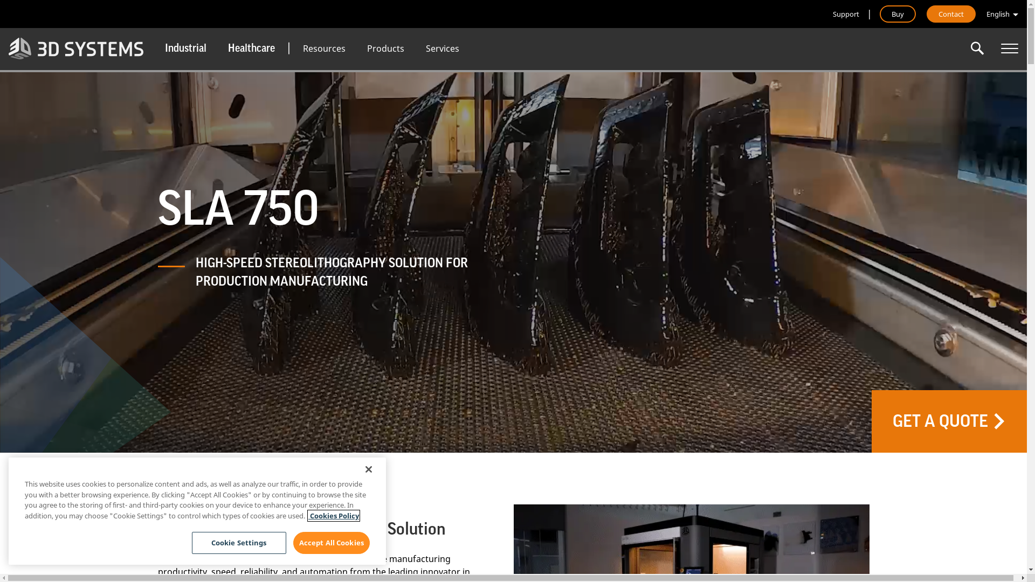  What do you see at coordinates (1002, 15) in the screenshot?
I see `'English'` at bounding box center [1002, 15].